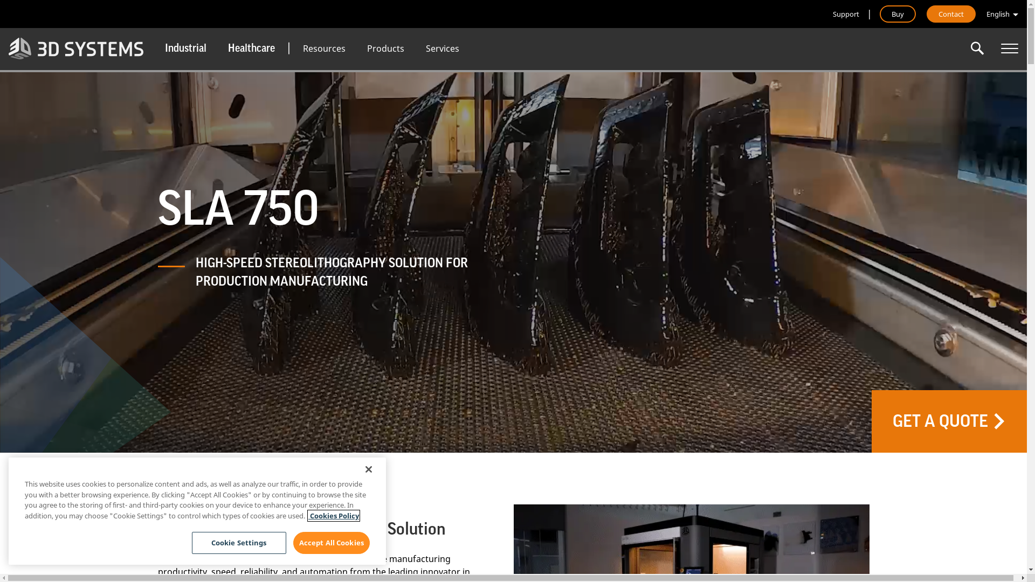  What do you see at coordinates (1002, 15) in the screenshot?
I see `'English'` at bounding box center [1002, 15].